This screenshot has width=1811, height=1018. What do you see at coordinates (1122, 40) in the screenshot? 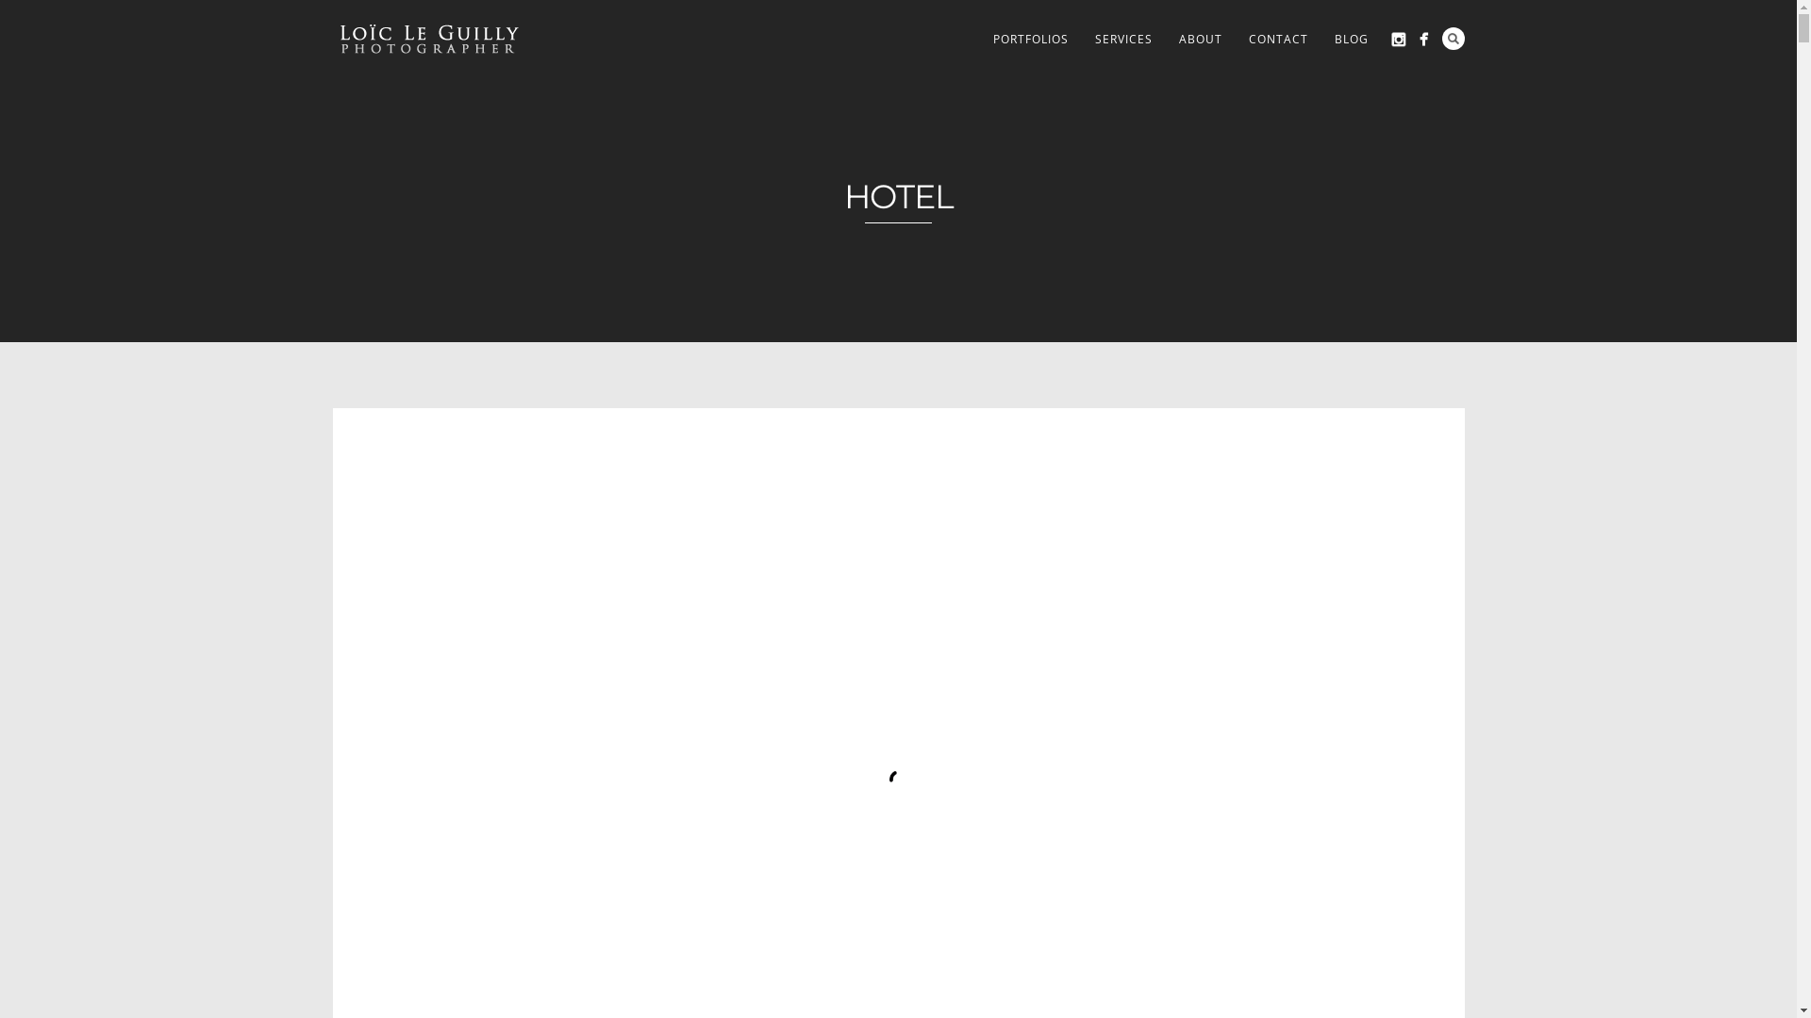
I see `'SERVICES'` at bounding box center [1122, 40].